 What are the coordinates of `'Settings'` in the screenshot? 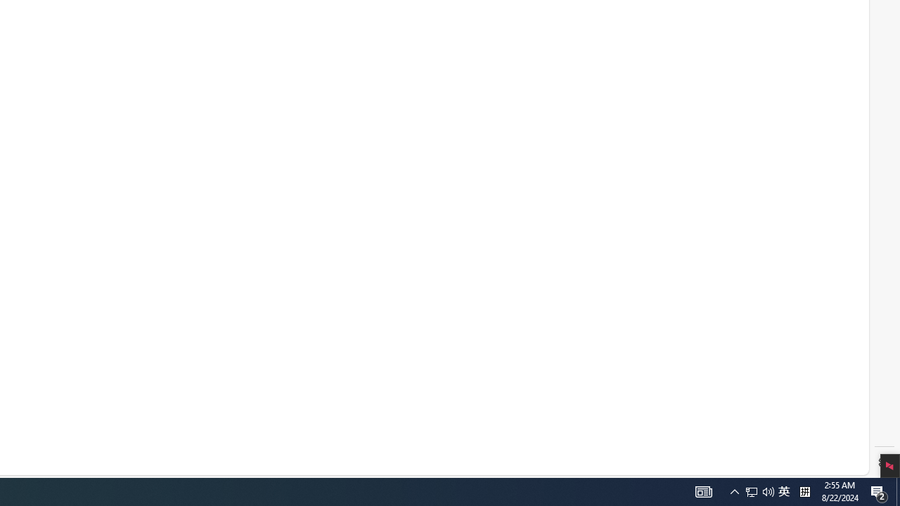 It's located at (884, 462).